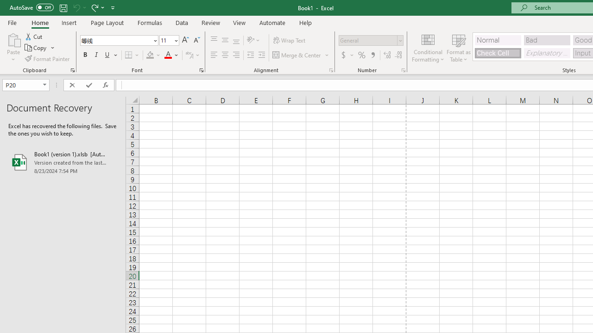 Image resolution: width=593 pixels, height=333 pixels. I want to click on 'Copy', so click(39, 48).